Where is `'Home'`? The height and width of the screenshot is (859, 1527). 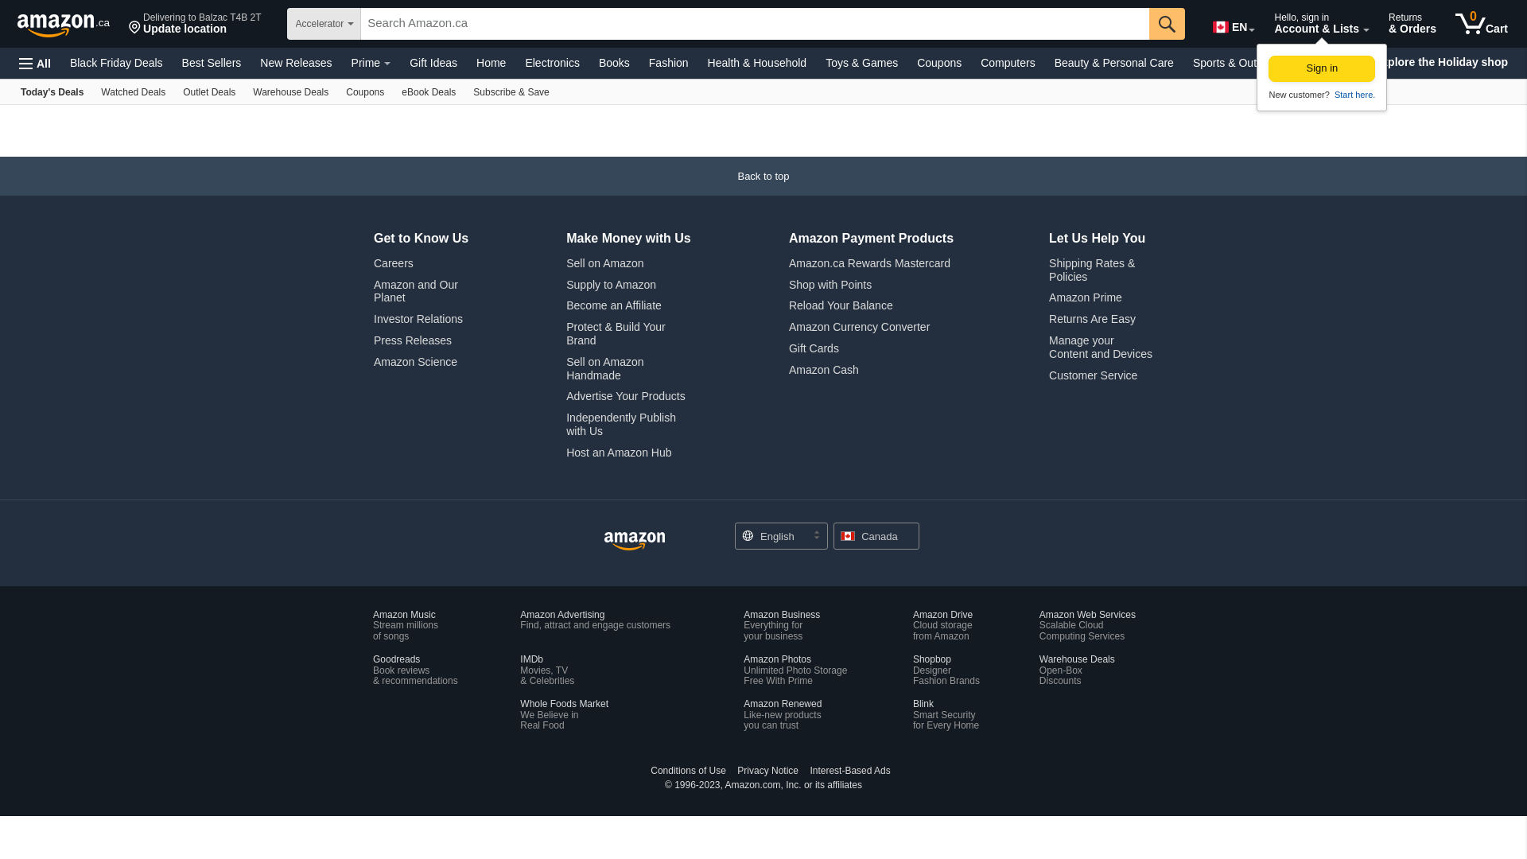 'Home' is located at coordinates (465, 61).